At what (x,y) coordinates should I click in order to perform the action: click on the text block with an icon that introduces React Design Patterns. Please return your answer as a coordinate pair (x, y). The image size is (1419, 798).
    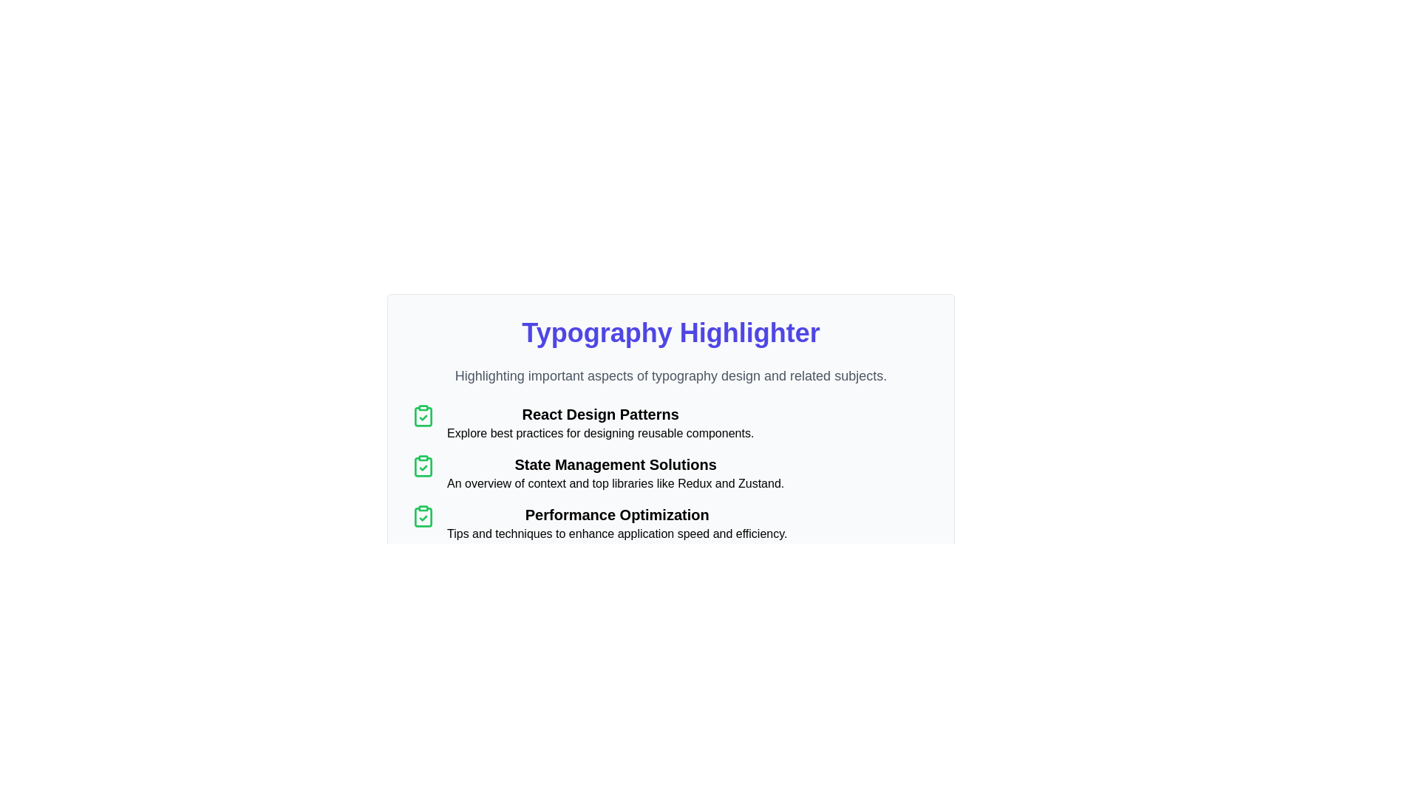
    Looking at the image, I should click on (670, 423).